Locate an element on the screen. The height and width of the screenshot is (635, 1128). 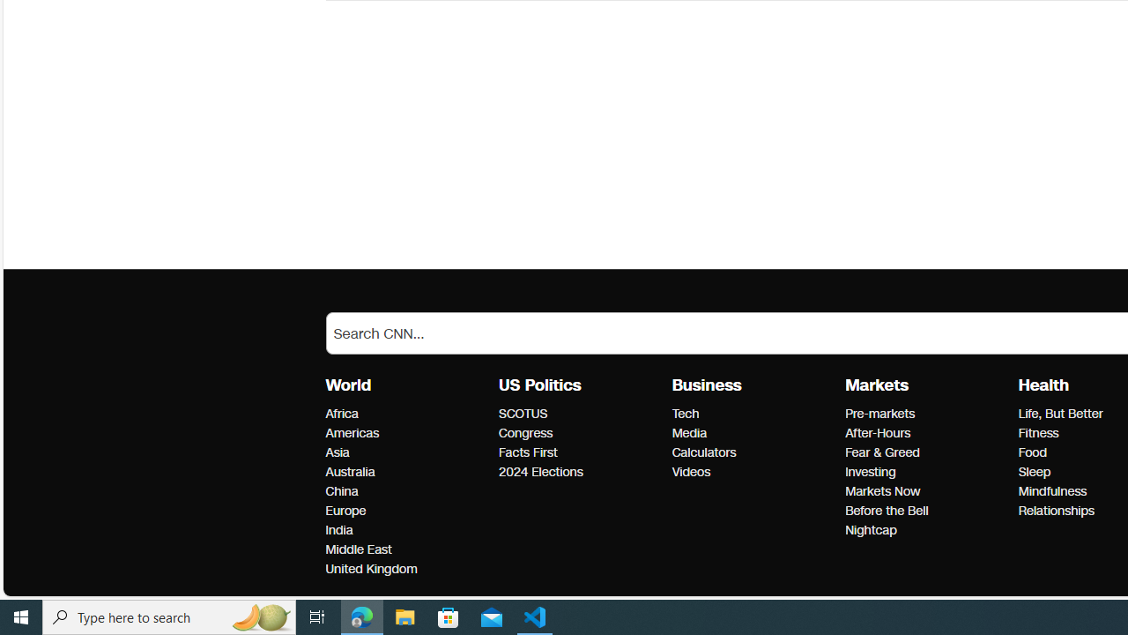
'Business Calculators' is located at coordinates (702, 452).